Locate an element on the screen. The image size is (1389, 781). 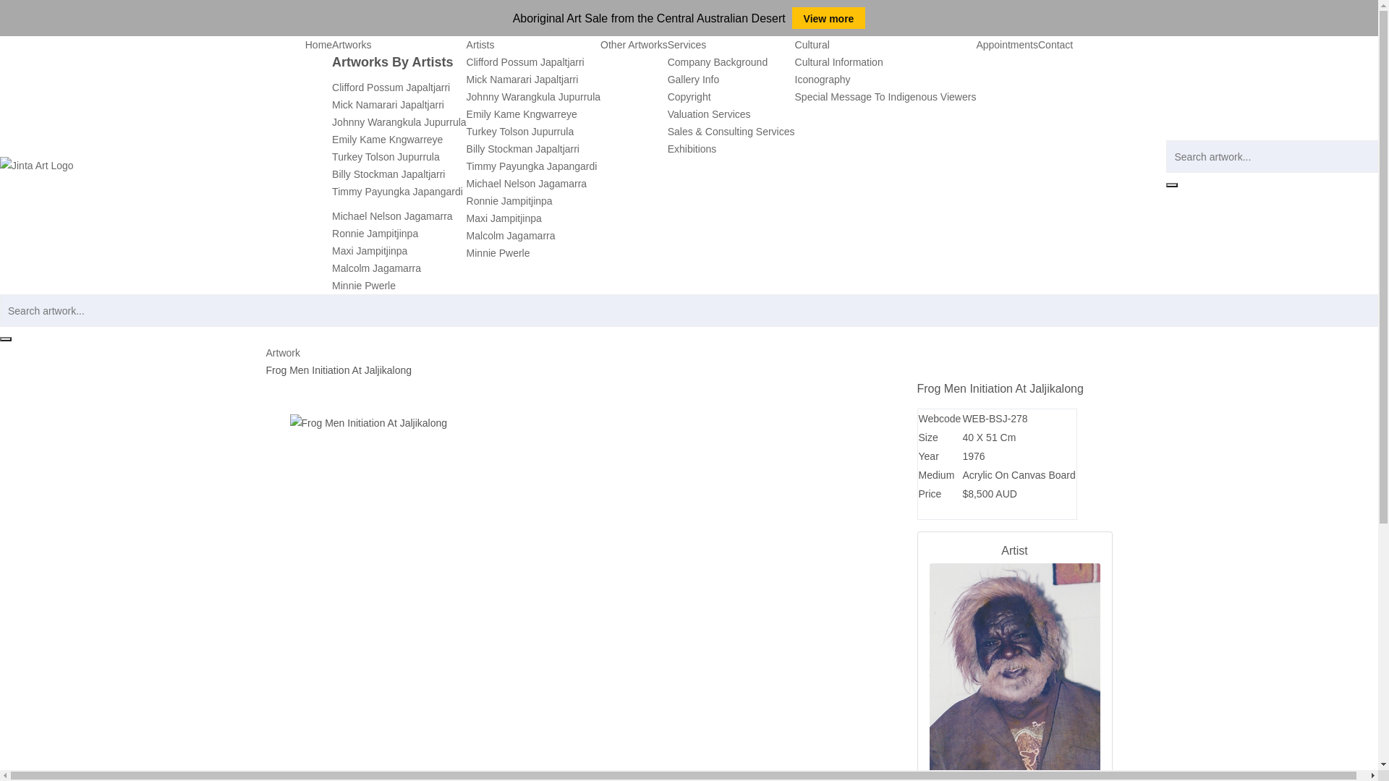
'Appointments' is located at coordinates (1006, 43).